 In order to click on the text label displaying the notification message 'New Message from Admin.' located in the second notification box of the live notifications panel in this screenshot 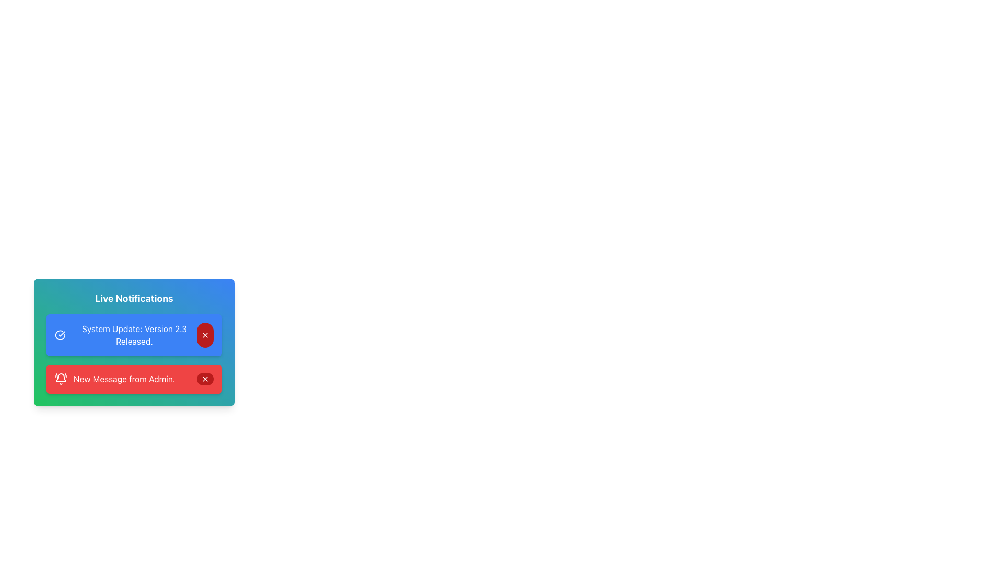, I will do `click(124, 379)`.